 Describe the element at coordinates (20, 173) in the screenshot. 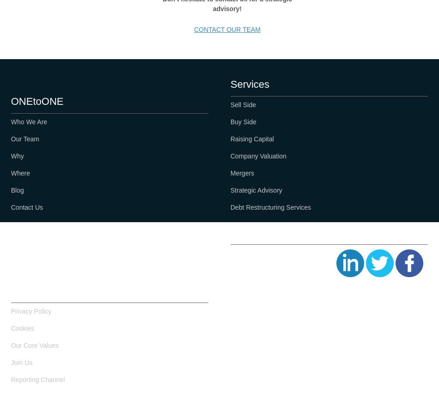

I see `'Where'` at that location.